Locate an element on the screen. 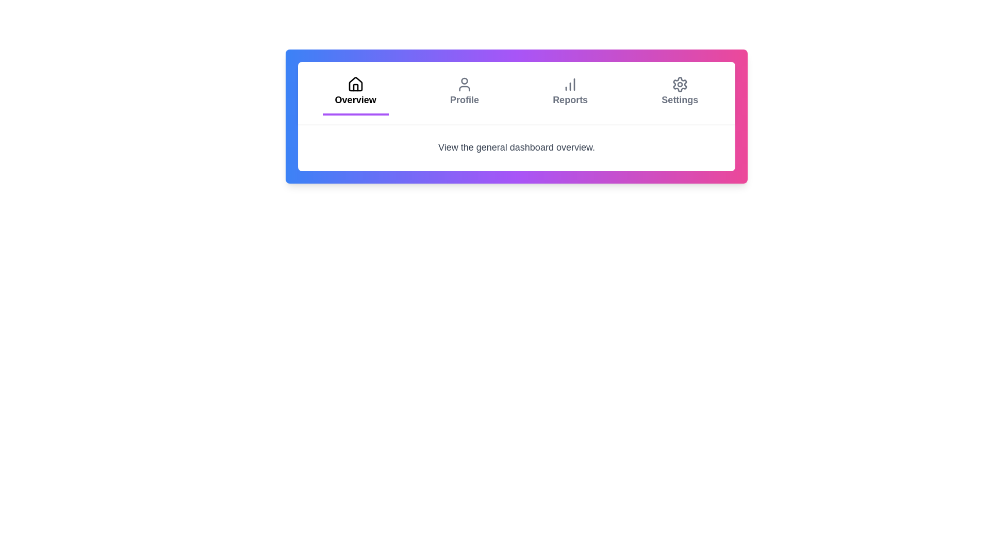 The width and height of the screenshot is (990, 557). the configuration cogwheel icon located at the top-right section of the horizontal navigation bar, which serves as a visual representation of the settings option is located at coordinates (680, 84).